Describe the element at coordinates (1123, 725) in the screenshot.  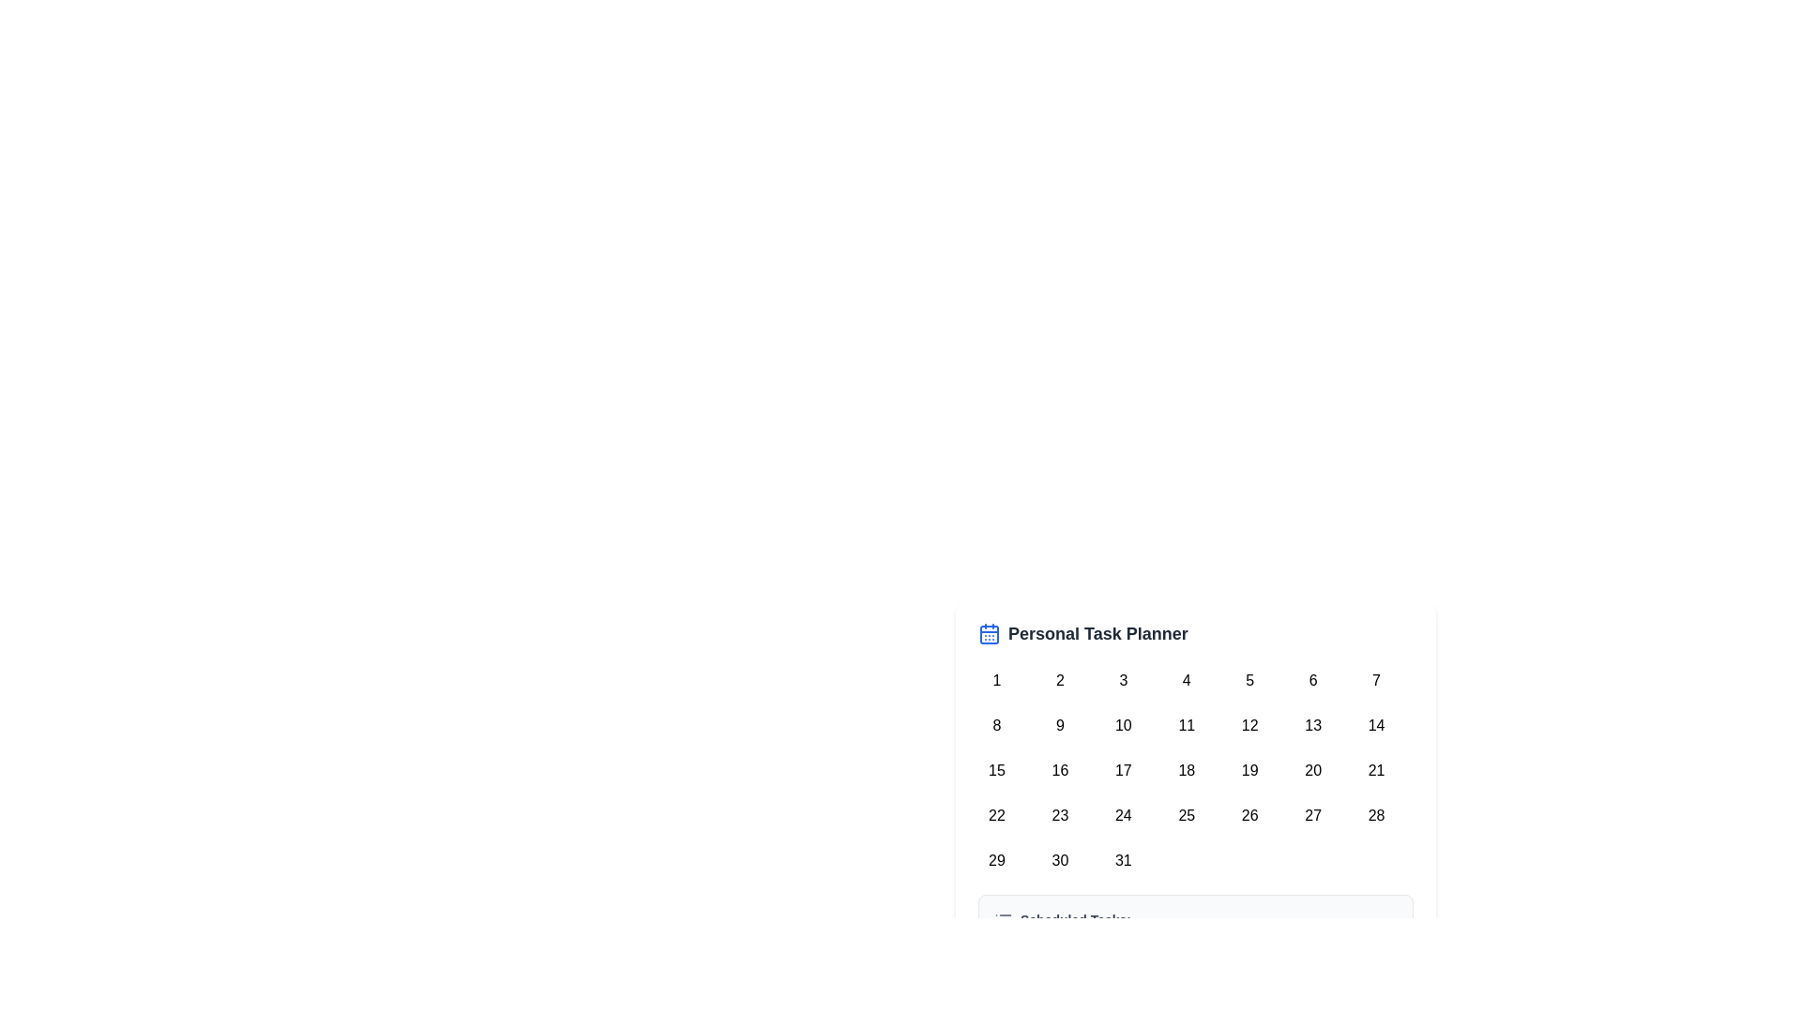
I see `the circular button containing the number '10'` at that location.